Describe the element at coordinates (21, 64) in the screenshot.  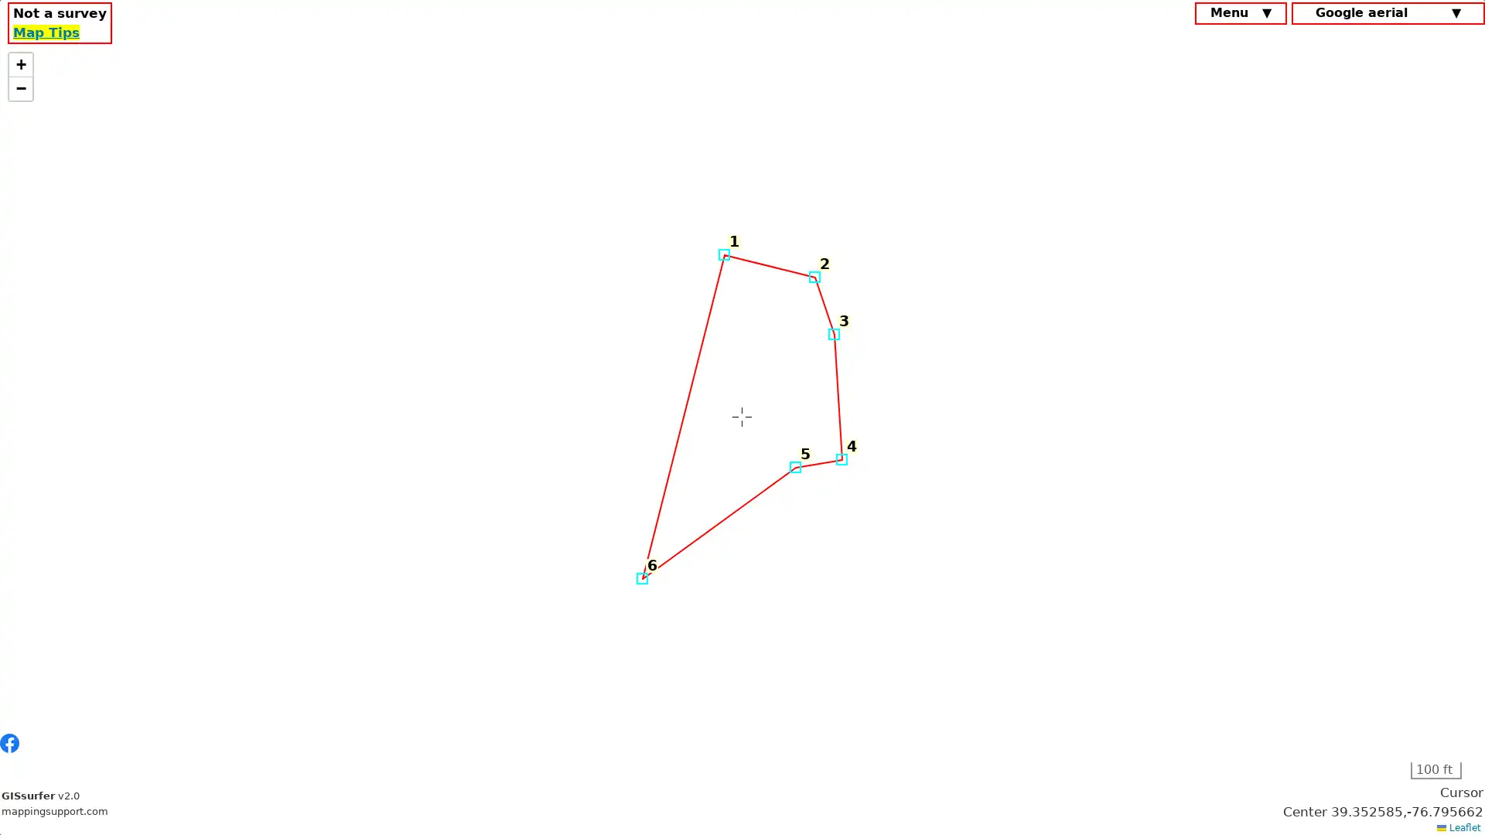
I see `Zoom in` at that location.